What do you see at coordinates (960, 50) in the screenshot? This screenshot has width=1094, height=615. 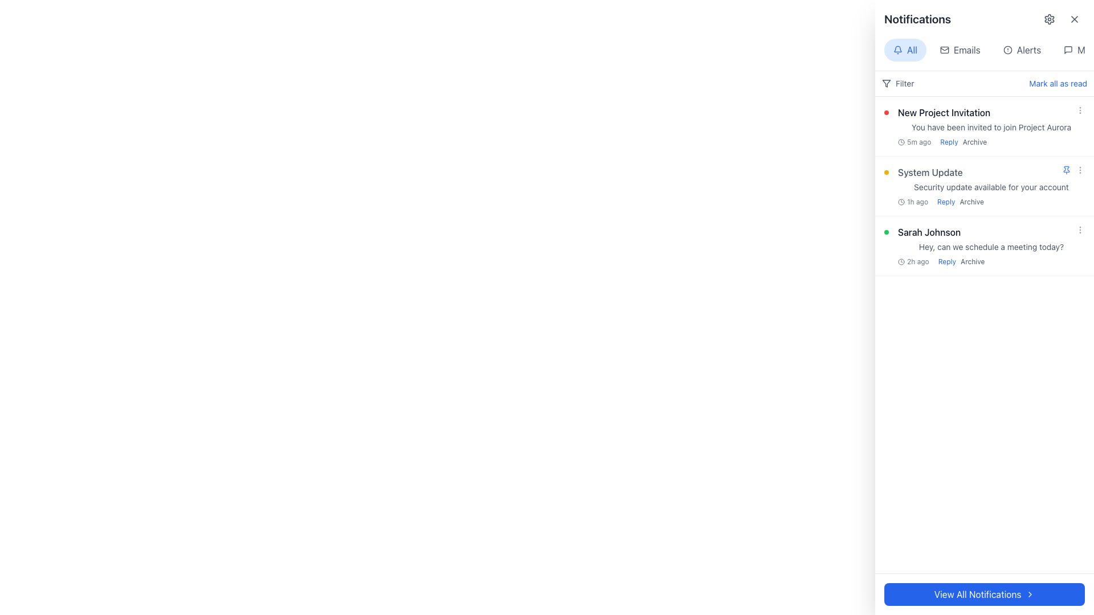 I see `the 'Emails' button in the horizontal menu bar` at bounding box center [960, 50].